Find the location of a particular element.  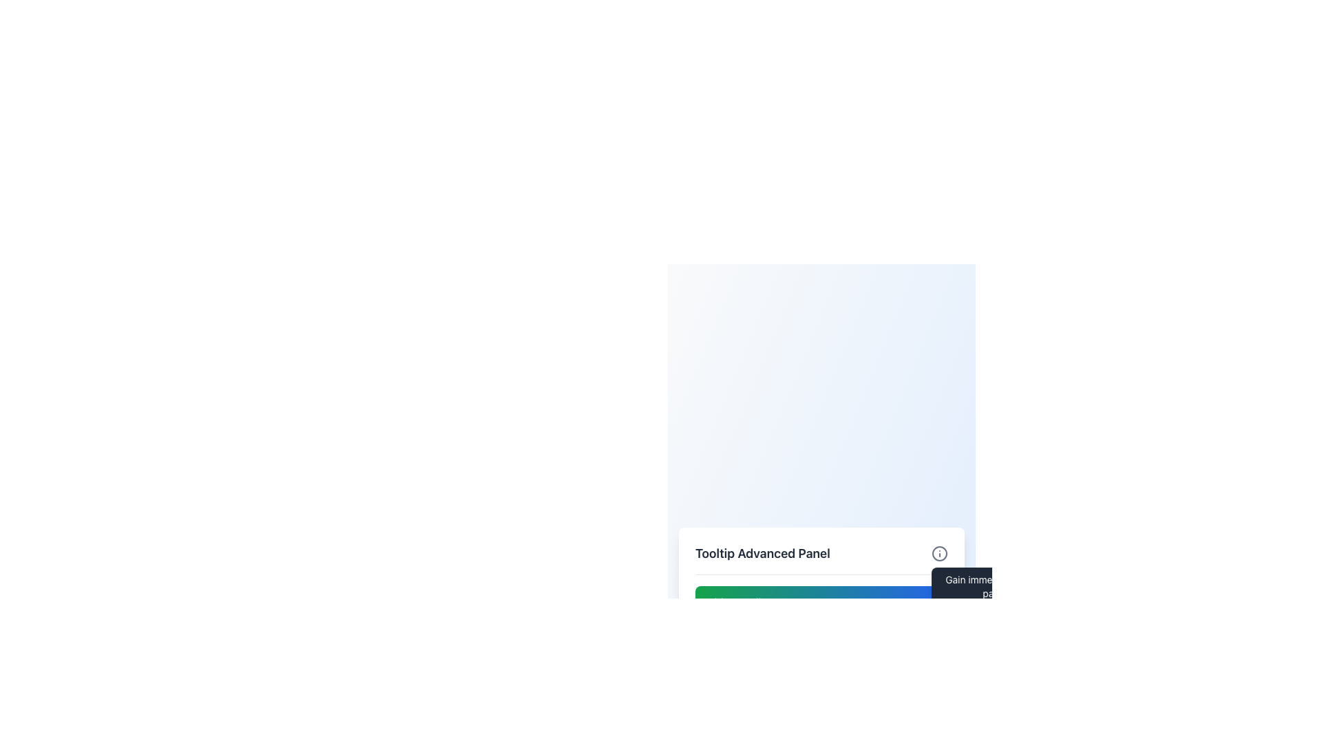

the SVG Icon located within the 'Hide Details' button is located at coordinates (930, 601).